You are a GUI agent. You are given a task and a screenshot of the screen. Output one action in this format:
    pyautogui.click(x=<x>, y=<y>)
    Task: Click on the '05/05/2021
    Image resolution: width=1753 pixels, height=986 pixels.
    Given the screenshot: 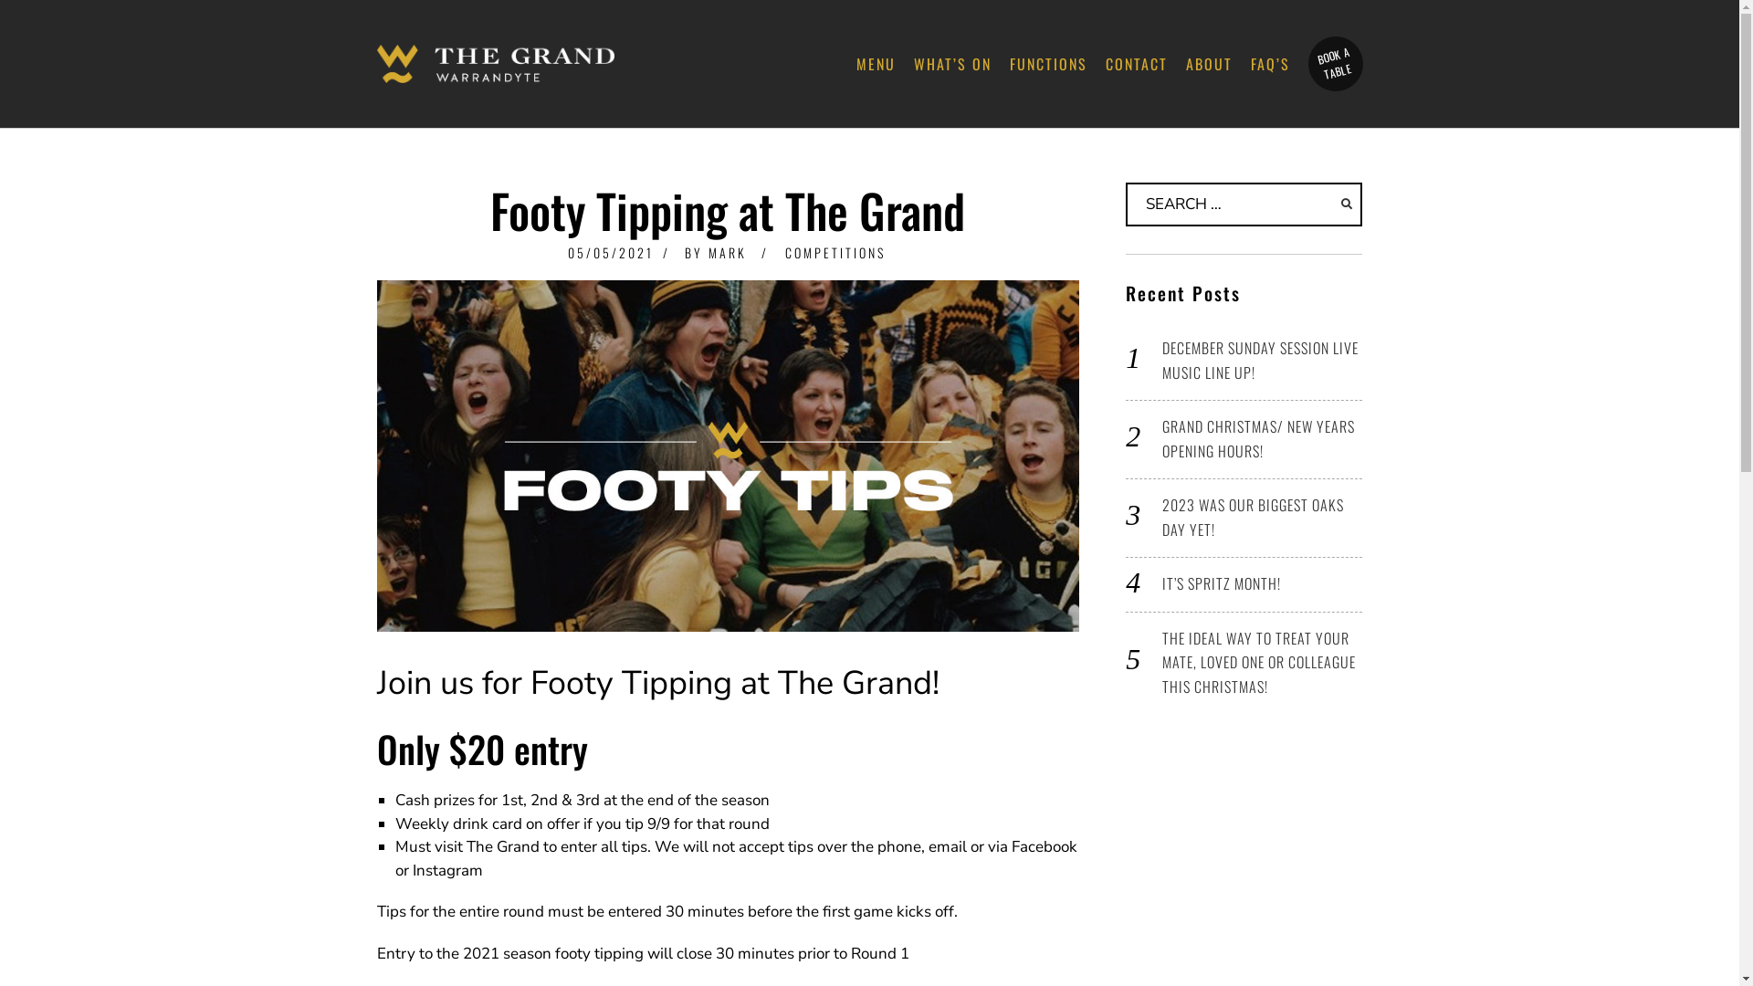 What is the action you would take?
    pyautogui.click(x=610, y=252)
    